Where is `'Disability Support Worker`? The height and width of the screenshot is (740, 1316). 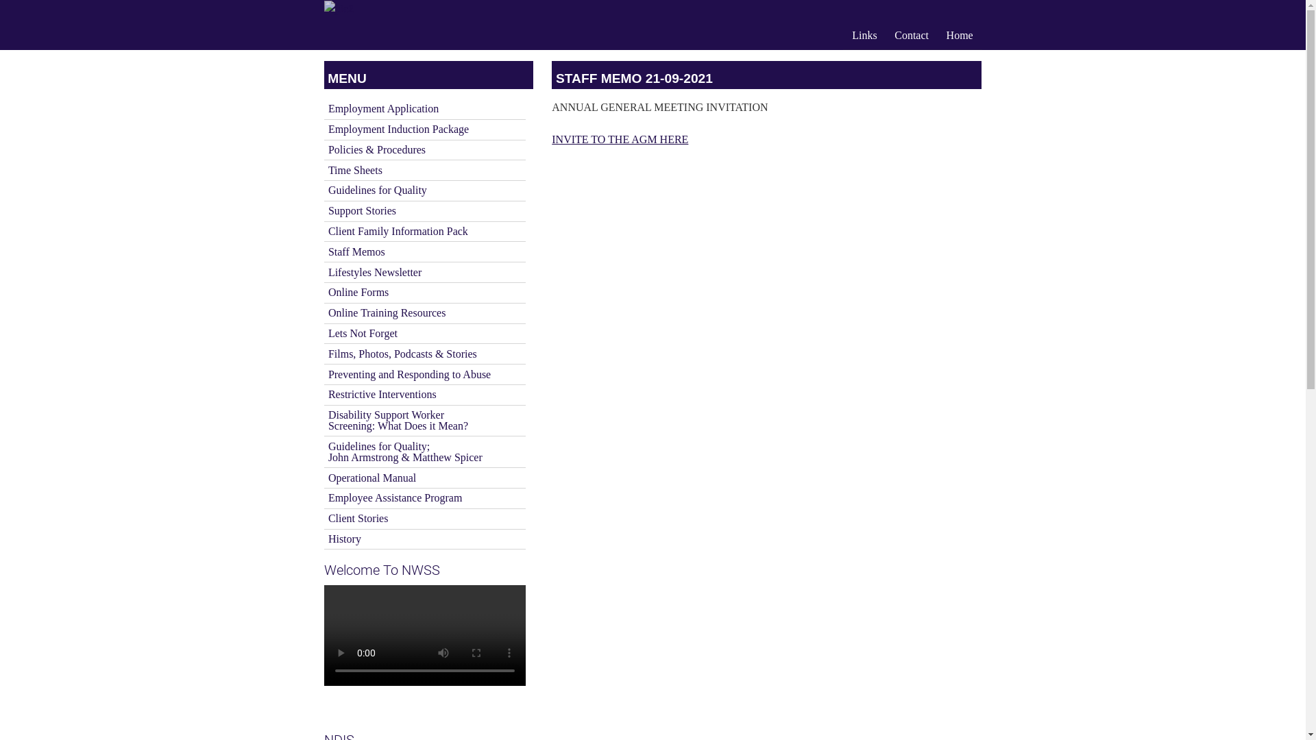
'Disability Support Worker is located at coordinates (424, 420).